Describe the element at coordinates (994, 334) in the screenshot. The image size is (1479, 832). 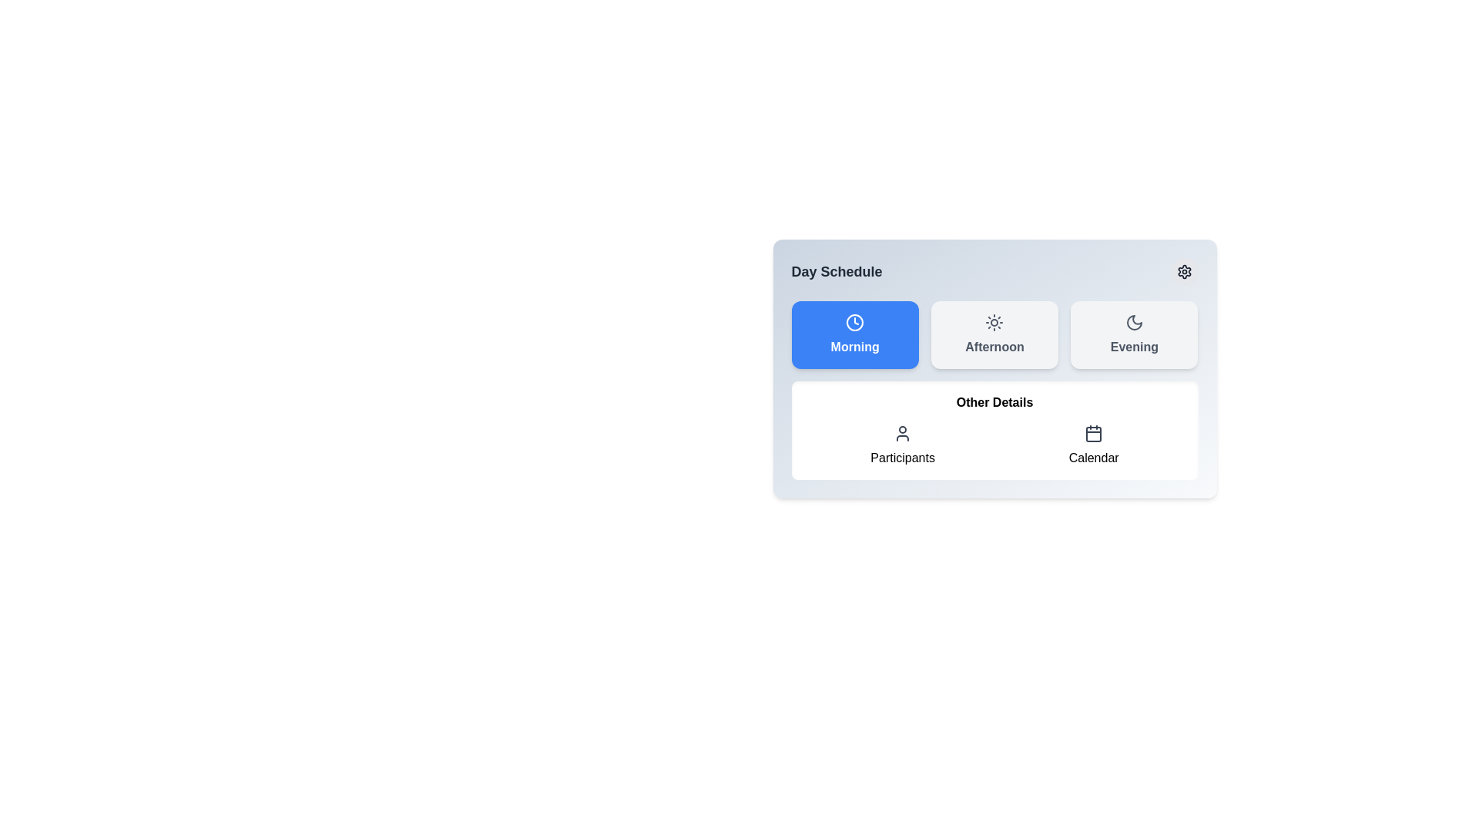
I see `the 'Afternoon' button, which is a rectangular button with a light gray background and a sun icon above the bold text 'Afternoon'` at that location.